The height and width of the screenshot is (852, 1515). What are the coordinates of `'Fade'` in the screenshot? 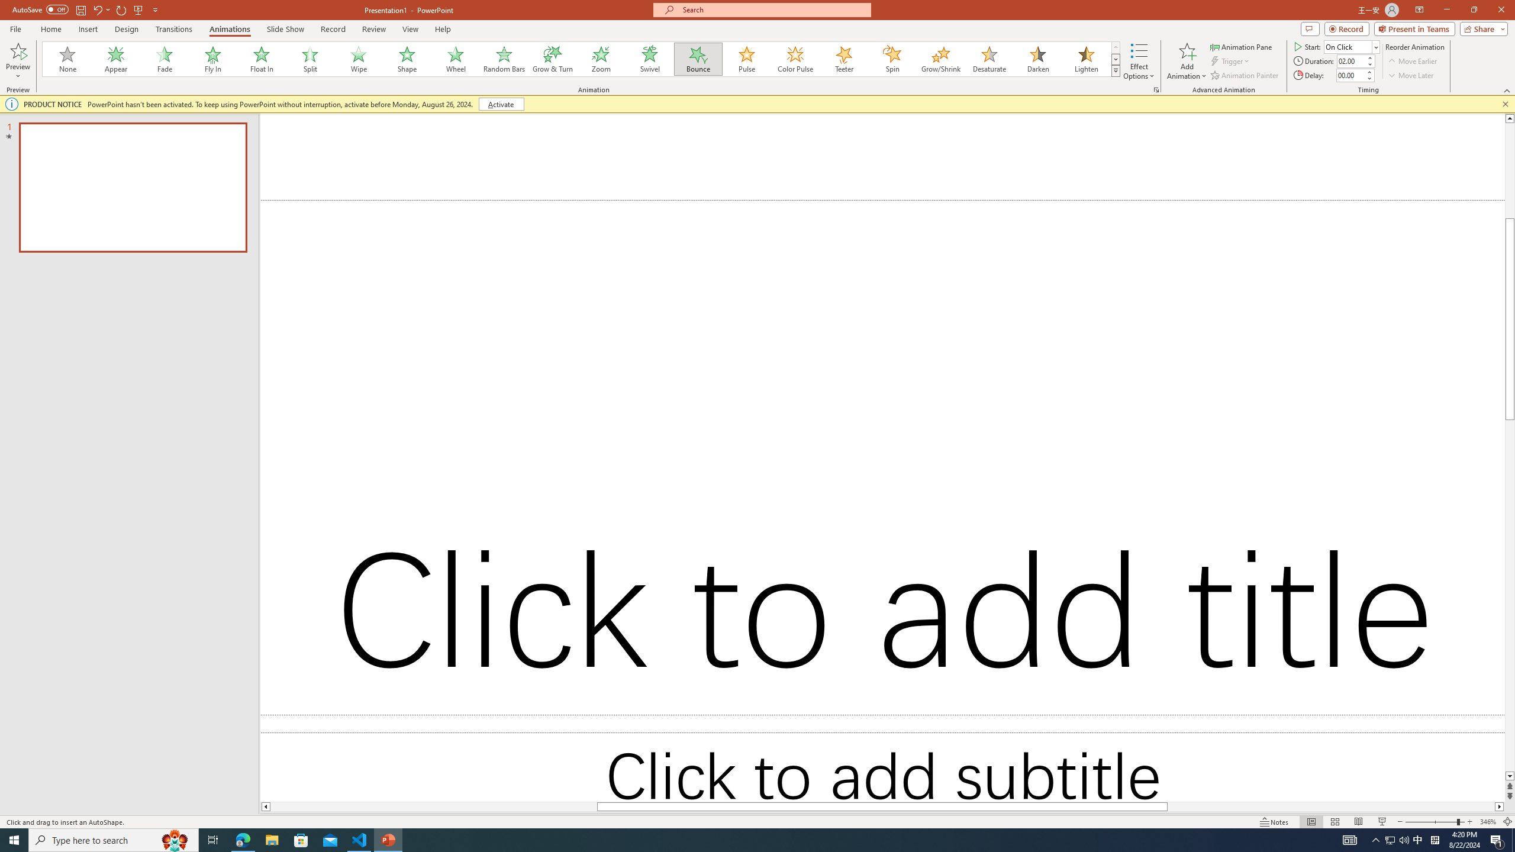 It's located at (165, 59).